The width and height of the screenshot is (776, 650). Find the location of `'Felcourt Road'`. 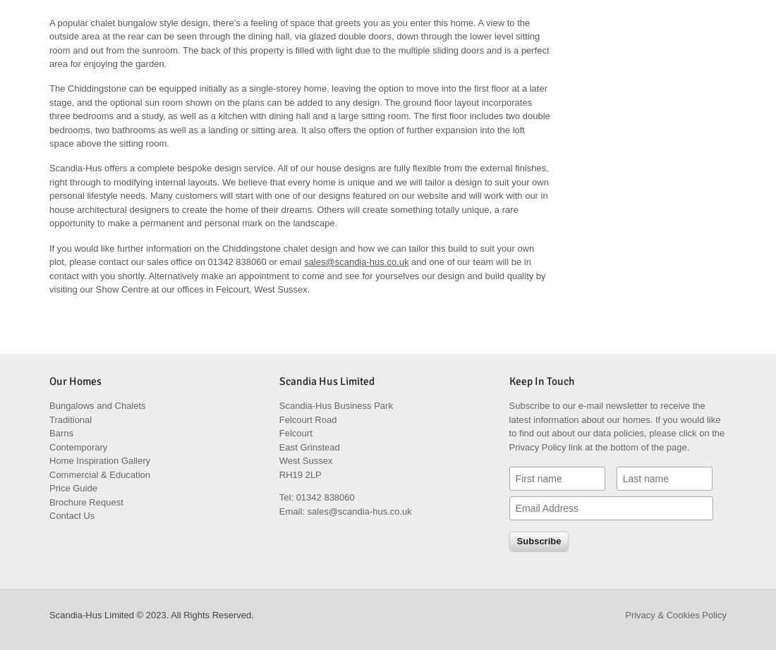

'Felcourt Road' is located at coordinates (307, 419).